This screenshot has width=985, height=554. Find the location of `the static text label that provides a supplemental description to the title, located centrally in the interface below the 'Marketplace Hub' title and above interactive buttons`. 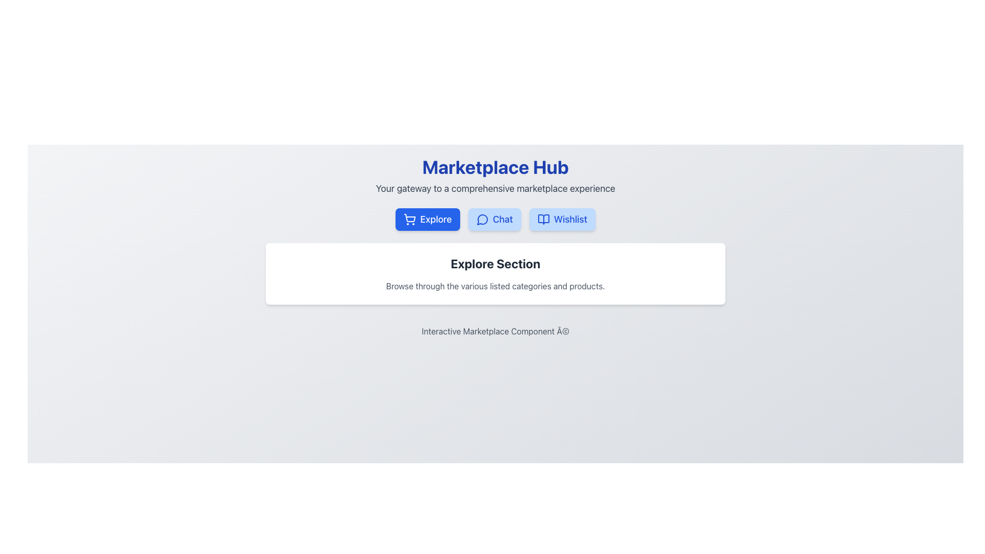

the static text label that provides a supplemental description to the title, located centrally in the interface below the 'Marketplace Hub' title and above interactive buttons is located at coordinates (495, 188).